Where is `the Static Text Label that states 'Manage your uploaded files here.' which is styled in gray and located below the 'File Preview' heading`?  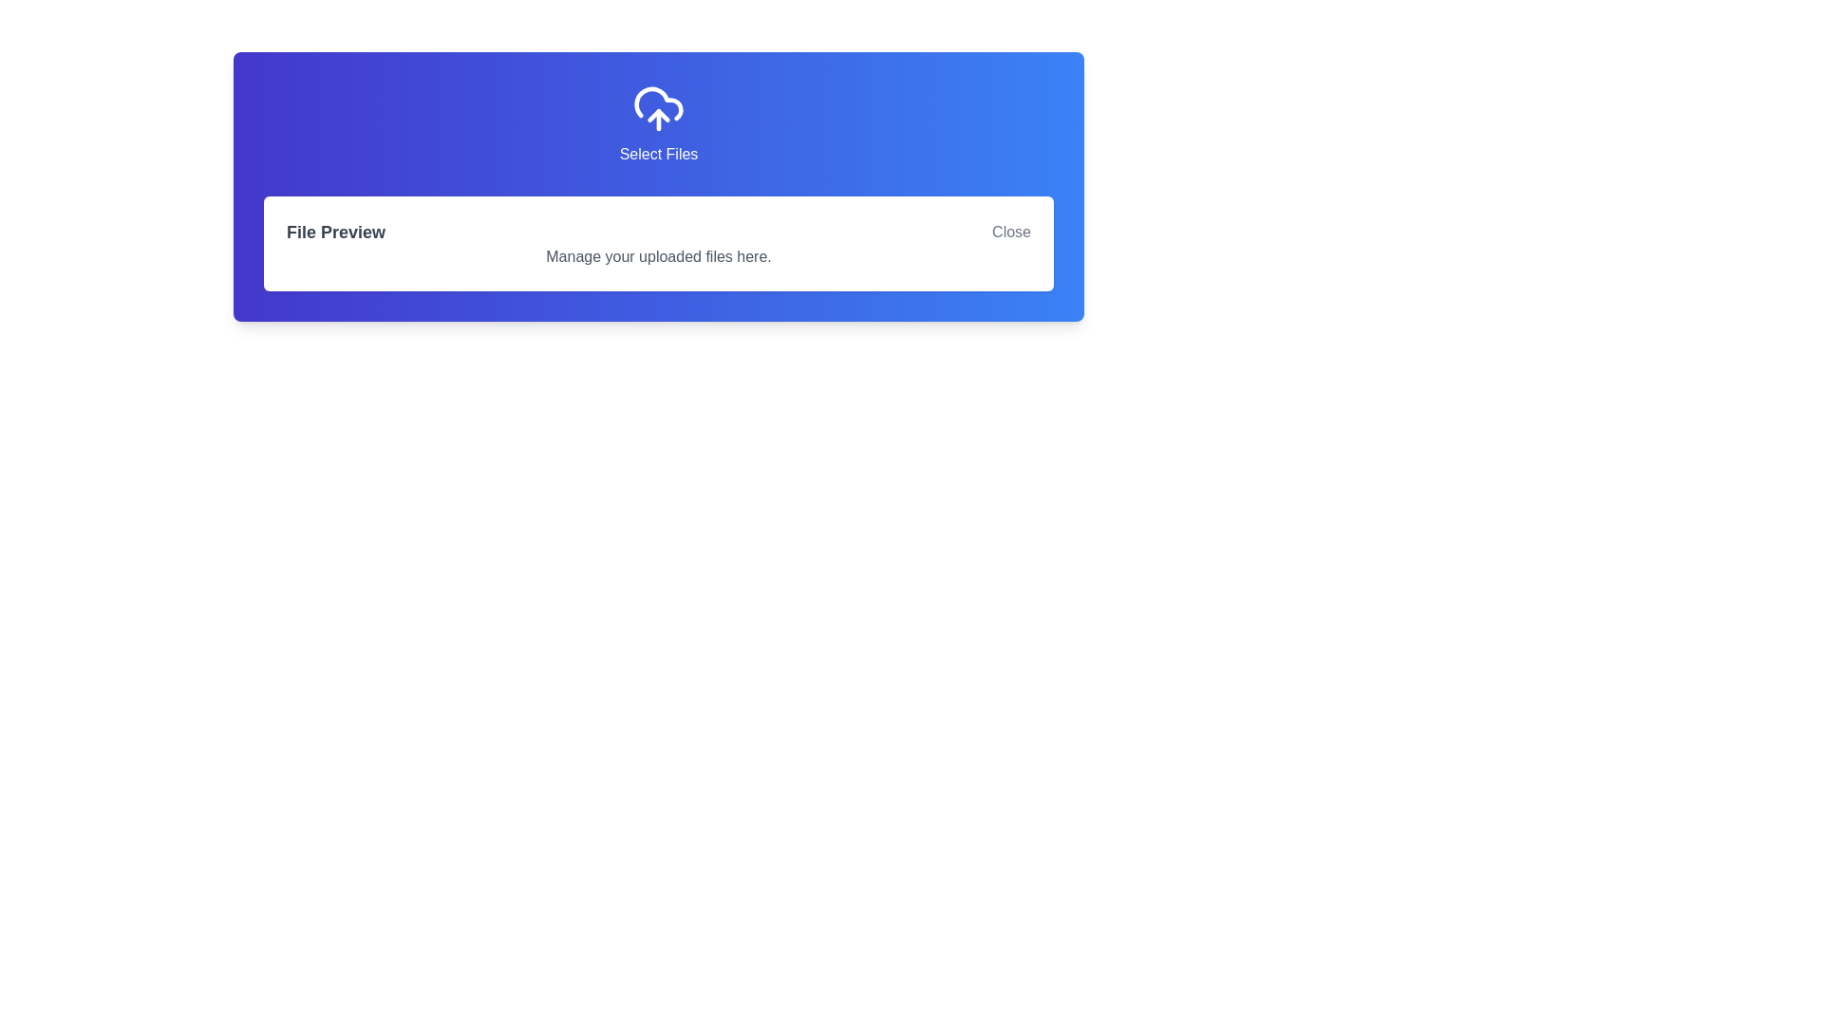 the Static Text Label that states 'Manage your uploaded files here.' which is styled in gray and located below the 'File Preview' heading is located at coordinates (659, 256).